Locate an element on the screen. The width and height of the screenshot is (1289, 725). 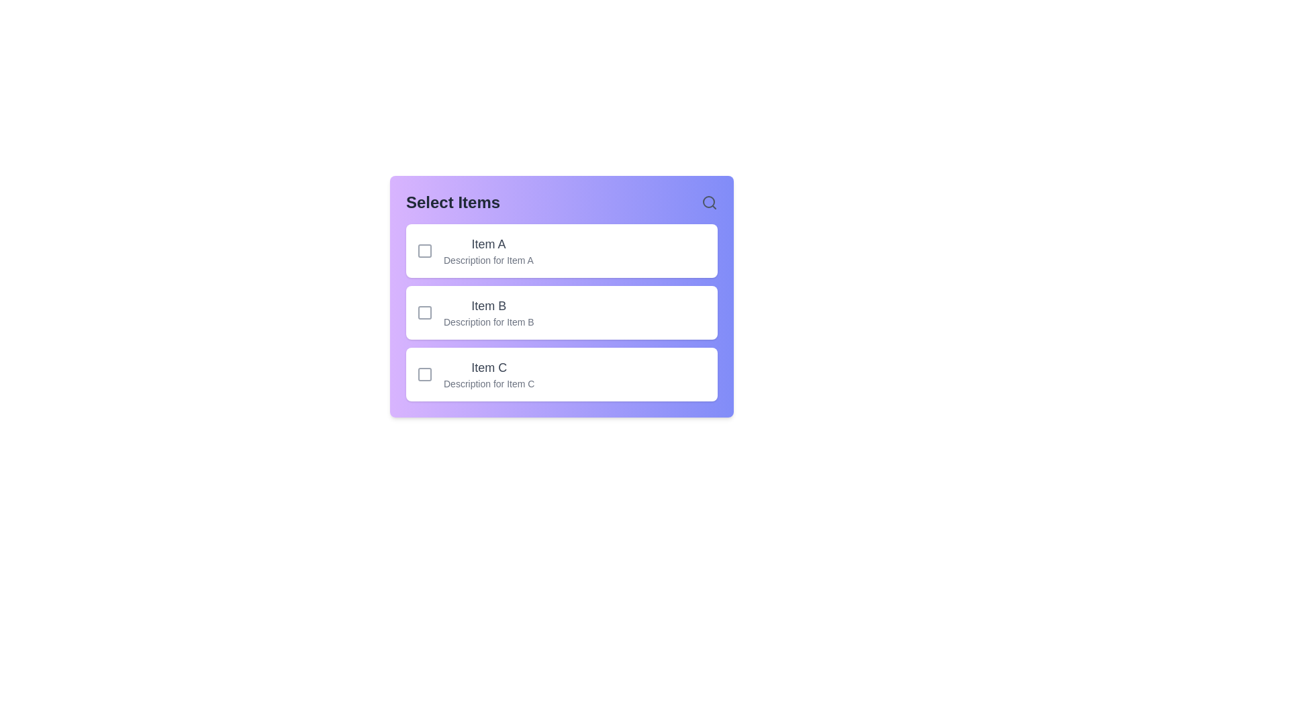
the checkbox for Item B is located at coordinates (424, 313).